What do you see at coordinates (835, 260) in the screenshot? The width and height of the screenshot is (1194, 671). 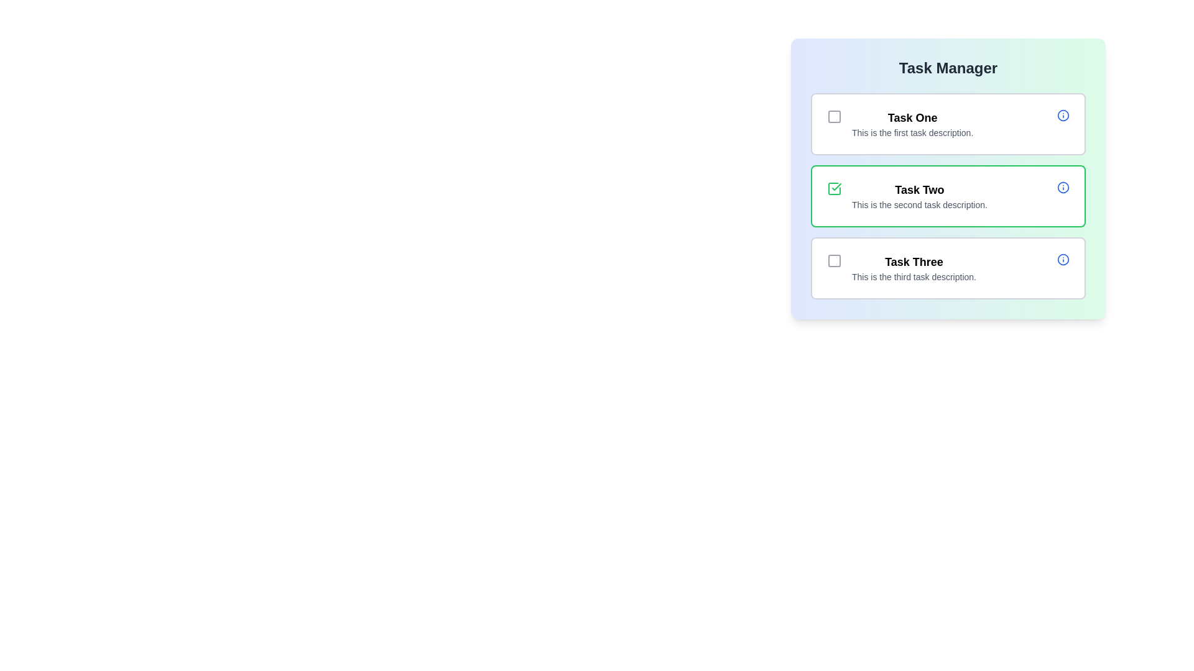 I see `the checkbox icon` at bounding box center [835, 260].